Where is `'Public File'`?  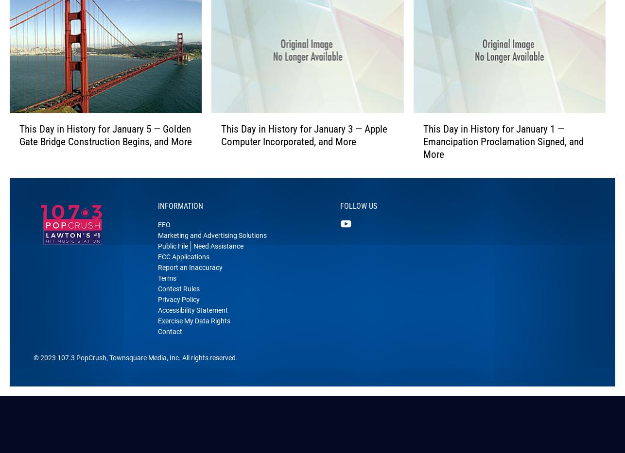 'Public File' is located at coordinates (172, 260).